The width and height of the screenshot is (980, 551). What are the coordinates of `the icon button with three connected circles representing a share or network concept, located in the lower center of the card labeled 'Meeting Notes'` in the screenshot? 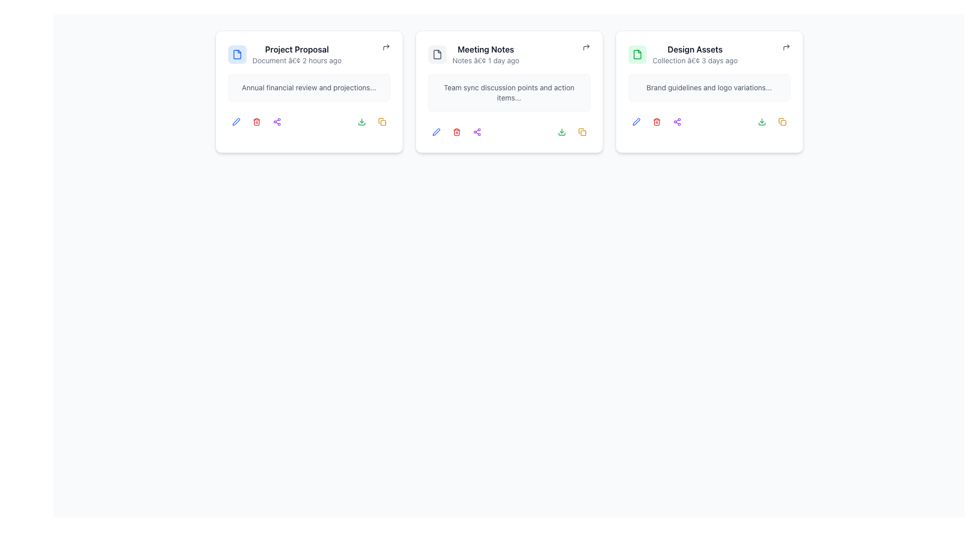 It's located at (476, 131).